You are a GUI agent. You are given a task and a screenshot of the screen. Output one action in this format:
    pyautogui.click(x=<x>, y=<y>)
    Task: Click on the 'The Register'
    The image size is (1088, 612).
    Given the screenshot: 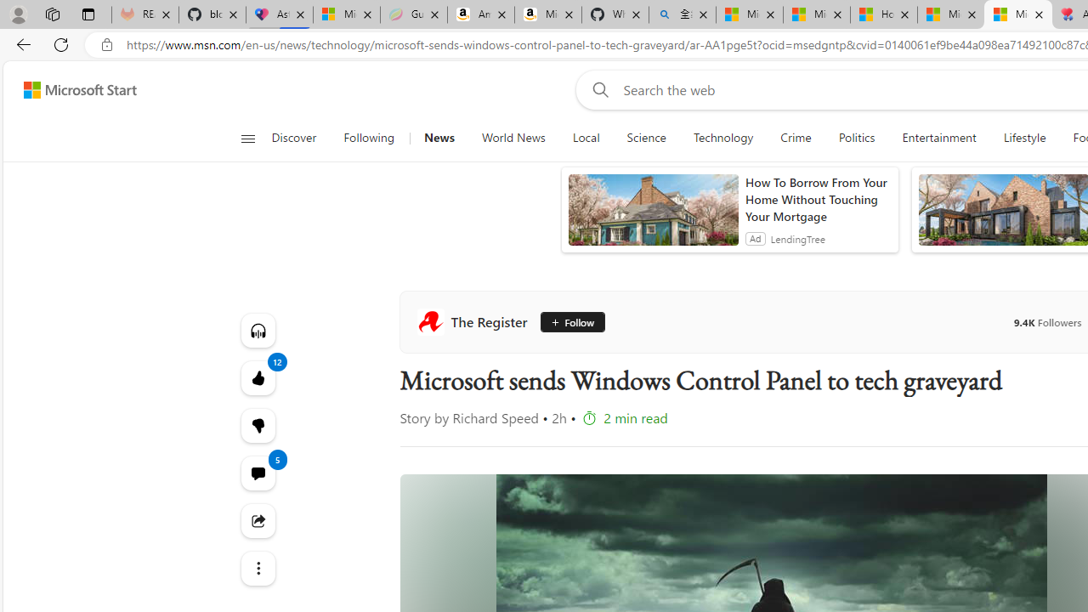 What is the action you would take?
    pyautogui.click(x=475, y=322)
    